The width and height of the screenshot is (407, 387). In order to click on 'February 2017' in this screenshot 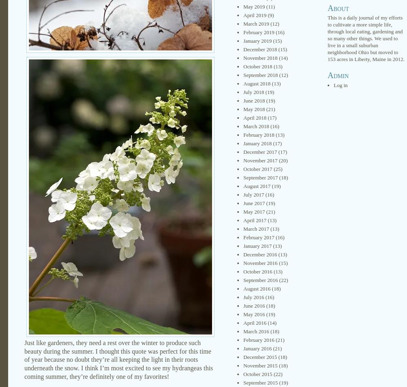, I will do `click(259, 237)`.